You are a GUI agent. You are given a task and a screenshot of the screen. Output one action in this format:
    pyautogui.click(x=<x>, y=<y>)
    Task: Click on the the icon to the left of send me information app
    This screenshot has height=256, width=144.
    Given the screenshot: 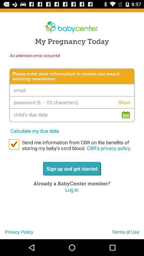 What is the action you would take?
    pyautogui.click(x=14, y=144)
    